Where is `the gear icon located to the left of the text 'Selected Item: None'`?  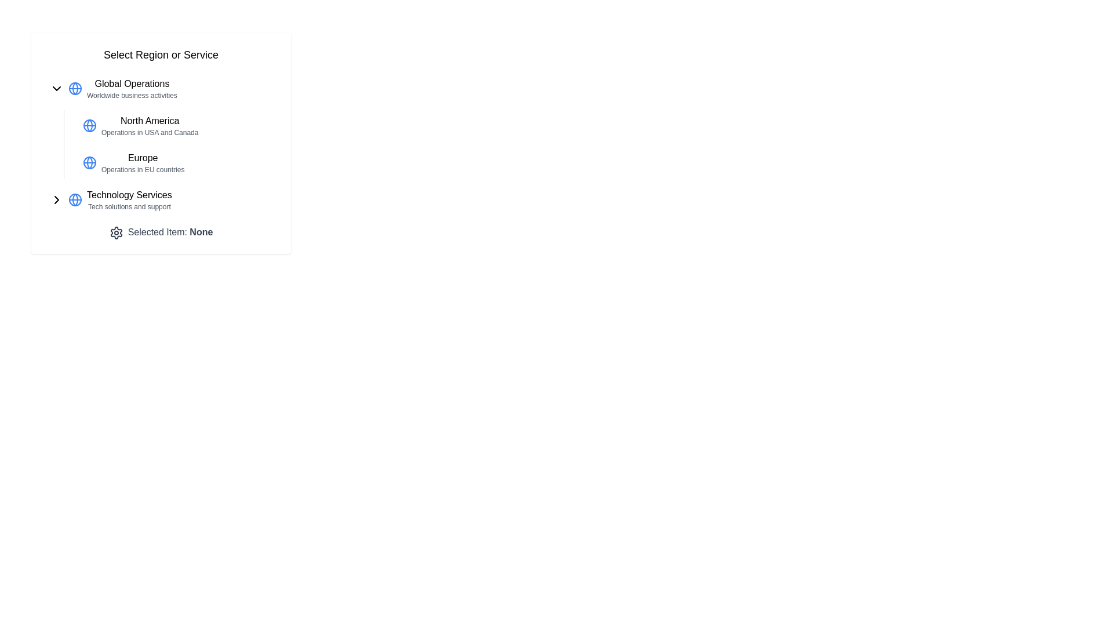 the gear icon located to the left of the text 'Selected Item: None' is located at coordinates (116, 232).